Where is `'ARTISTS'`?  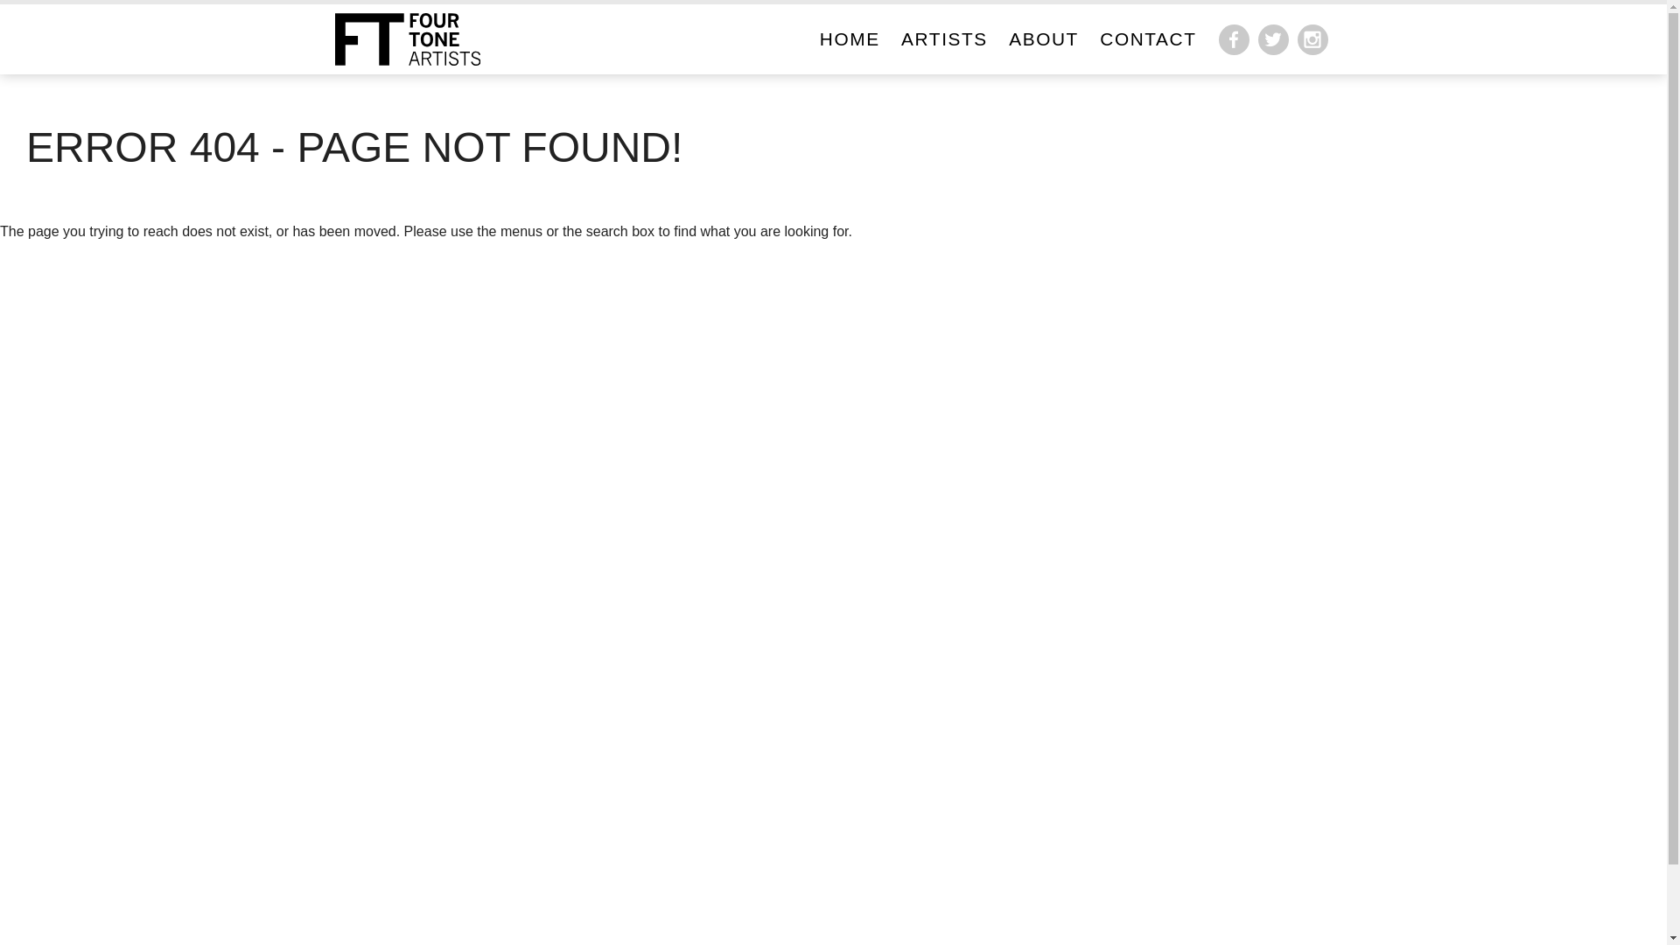 'ARTISTS' is located at coordinates (892, 38).